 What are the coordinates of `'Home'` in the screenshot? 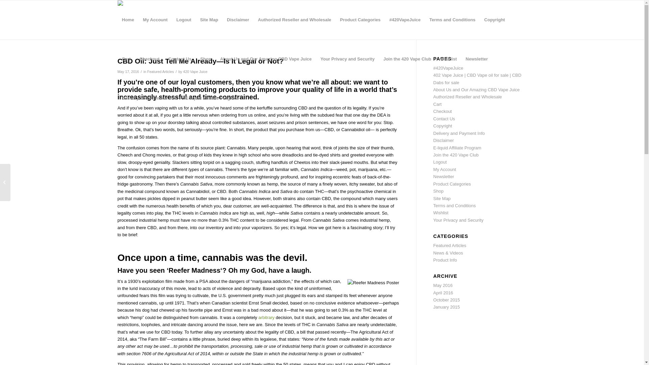 It's located at (128, 19).